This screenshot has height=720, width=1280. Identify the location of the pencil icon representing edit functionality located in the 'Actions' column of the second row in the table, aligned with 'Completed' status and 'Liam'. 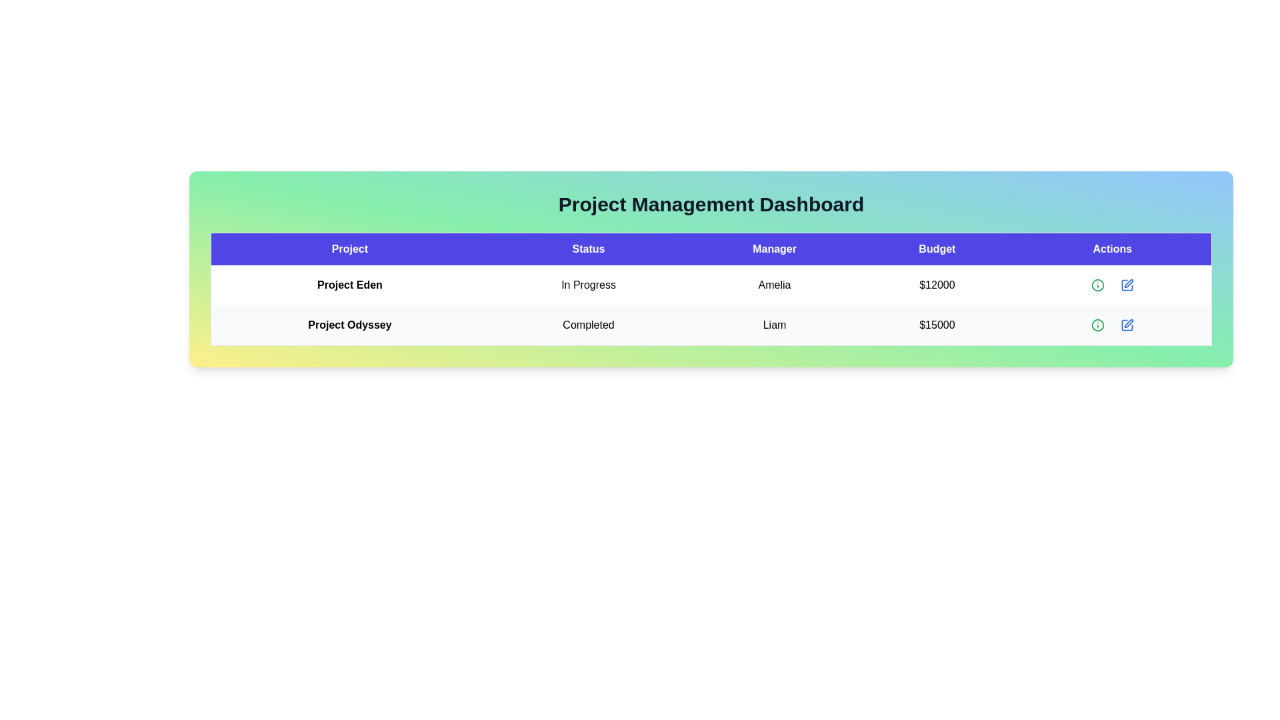
(1128, 323).